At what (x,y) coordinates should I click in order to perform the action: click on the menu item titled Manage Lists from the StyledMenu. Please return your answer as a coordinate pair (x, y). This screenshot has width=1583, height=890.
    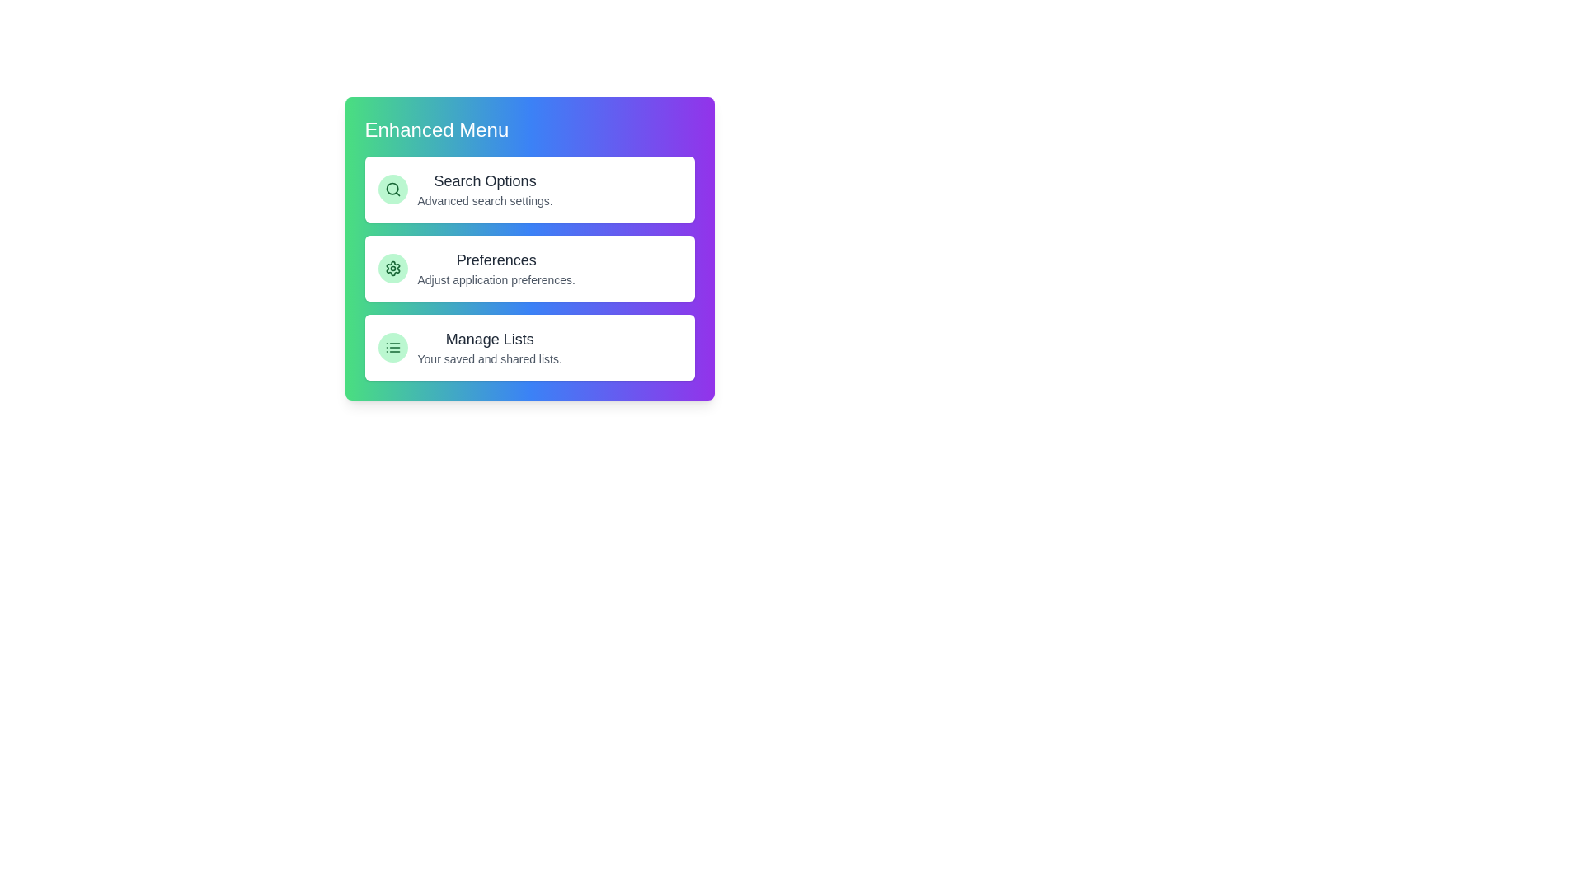
    Looking at the image, I should click on (529, 346).